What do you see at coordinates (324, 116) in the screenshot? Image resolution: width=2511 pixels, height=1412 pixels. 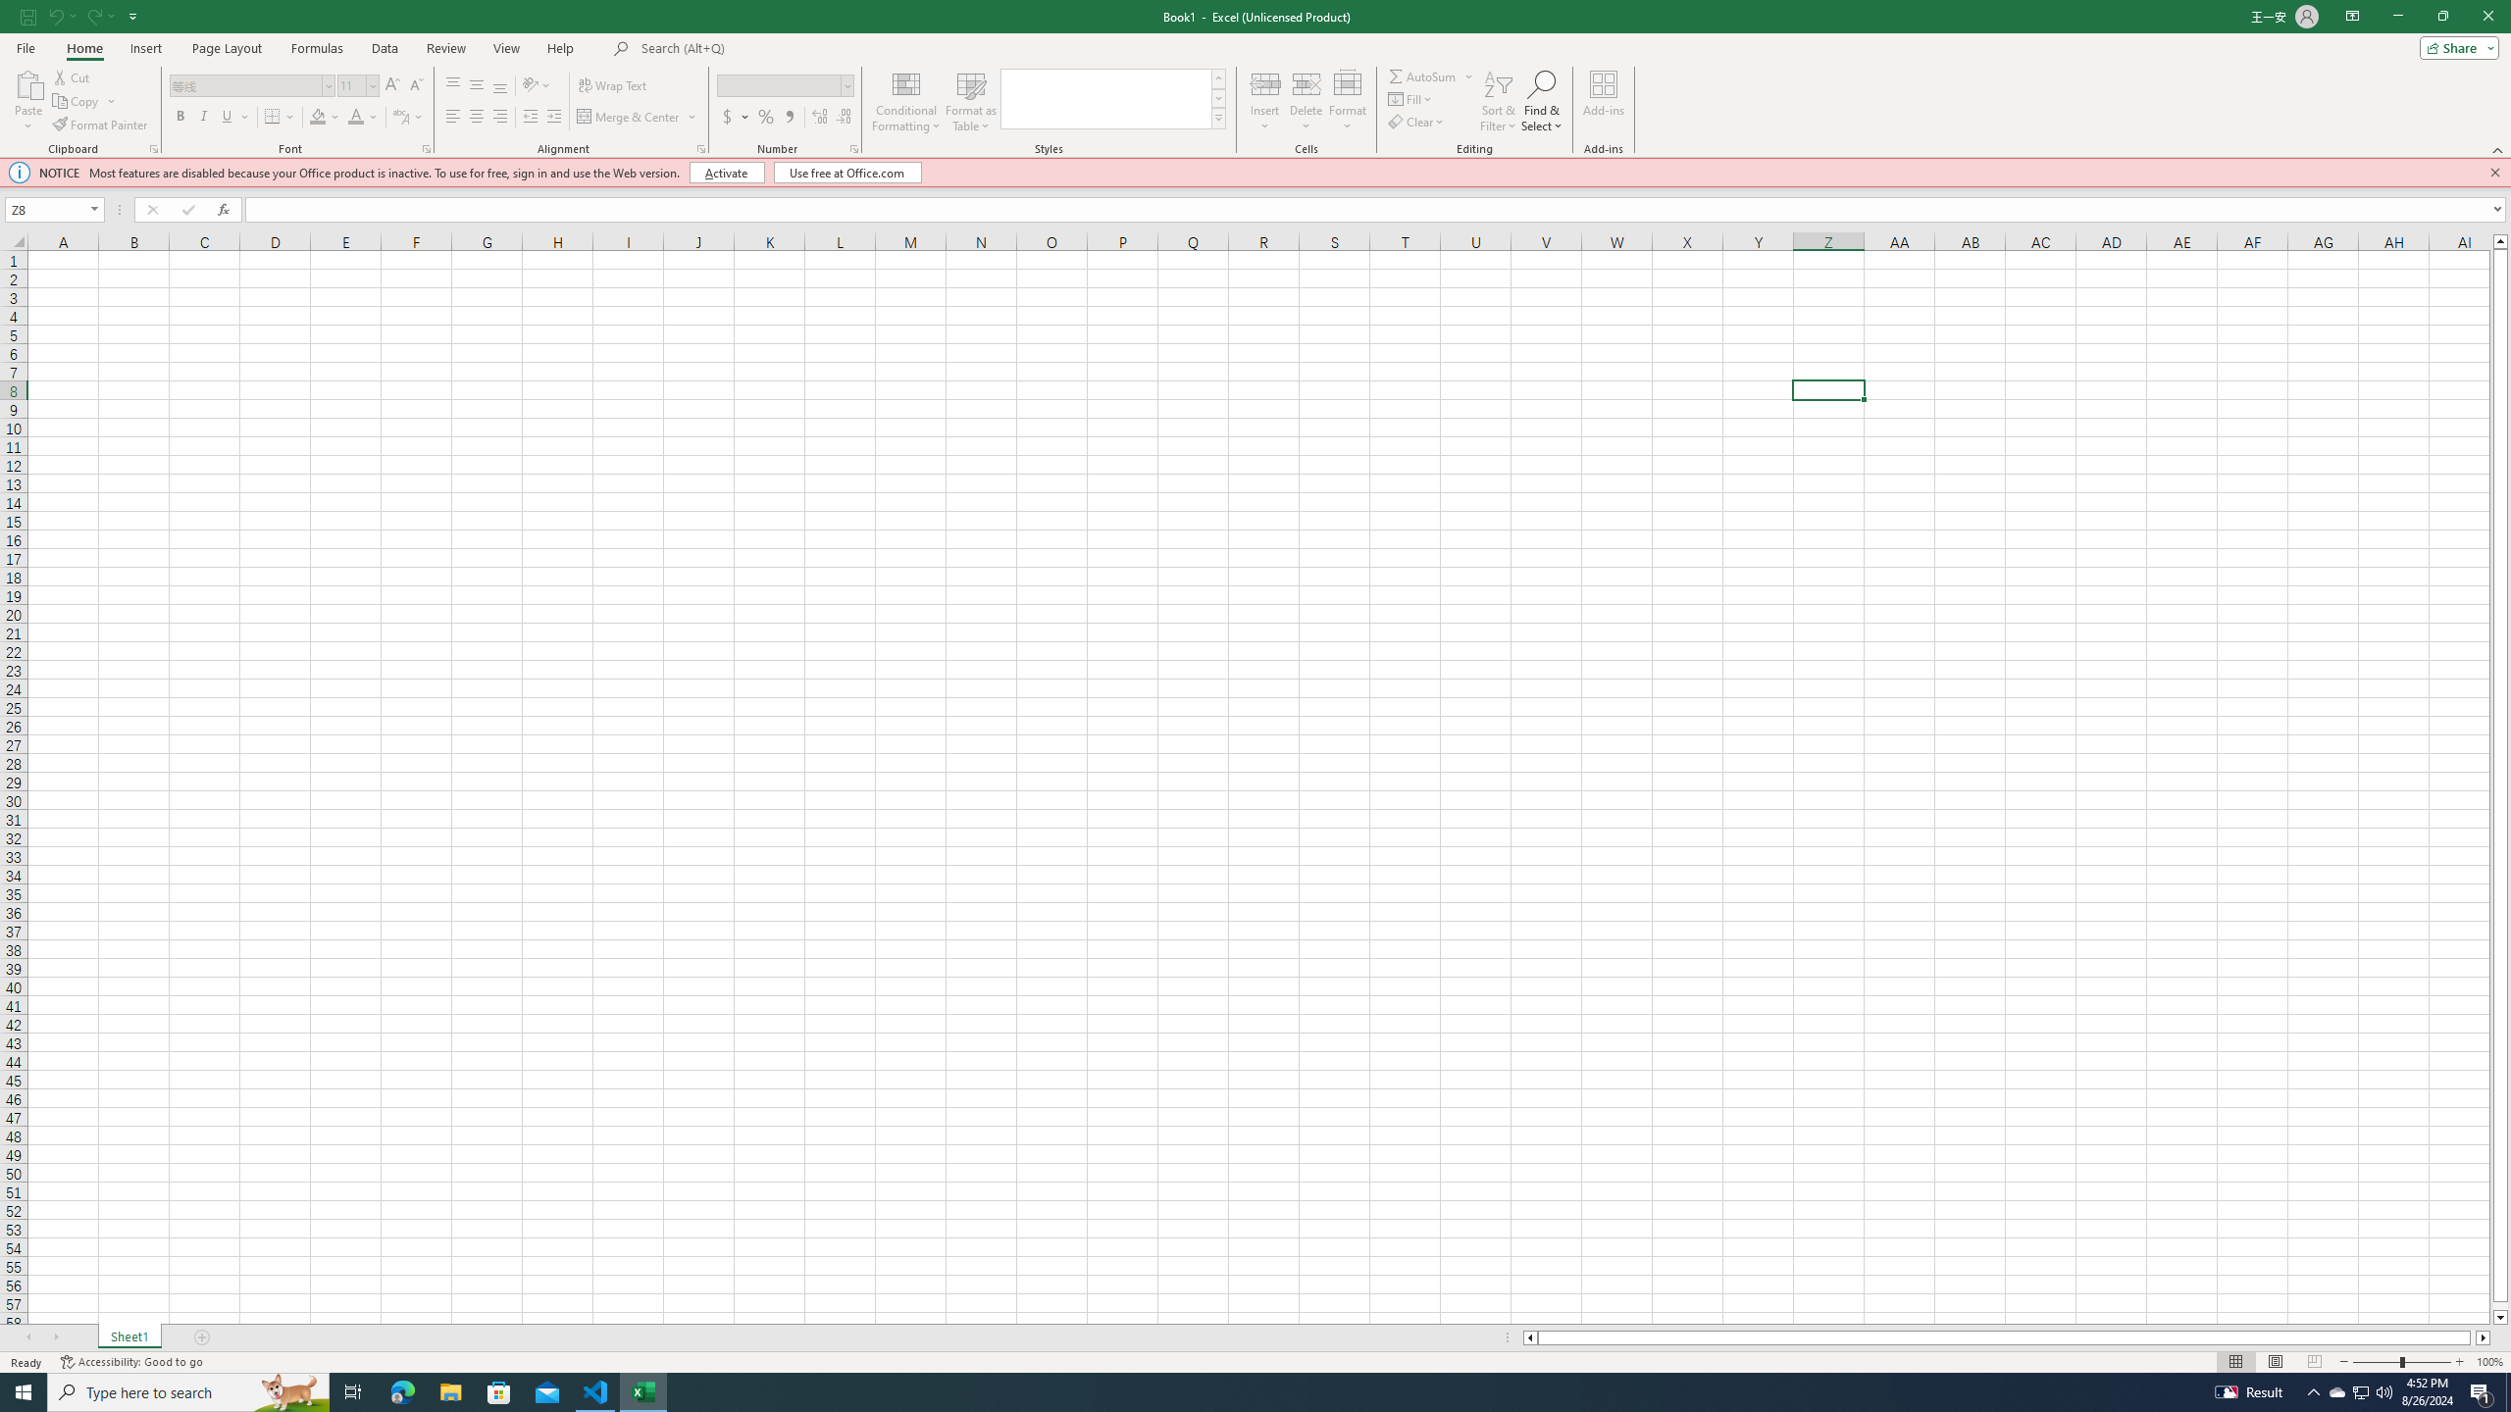 I see `'Fill Color'` at bounding box center [324, 116].